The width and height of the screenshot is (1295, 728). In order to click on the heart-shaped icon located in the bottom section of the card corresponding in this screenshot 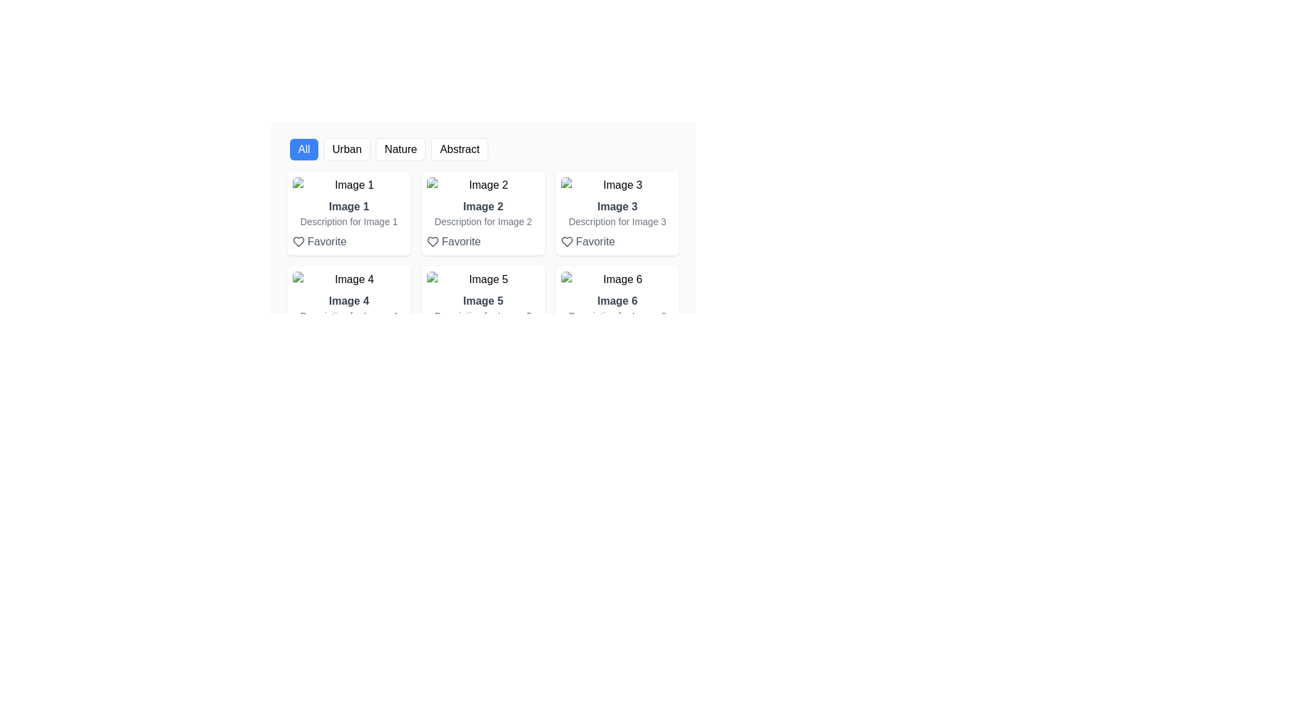, I will do `click(567, 241)`.